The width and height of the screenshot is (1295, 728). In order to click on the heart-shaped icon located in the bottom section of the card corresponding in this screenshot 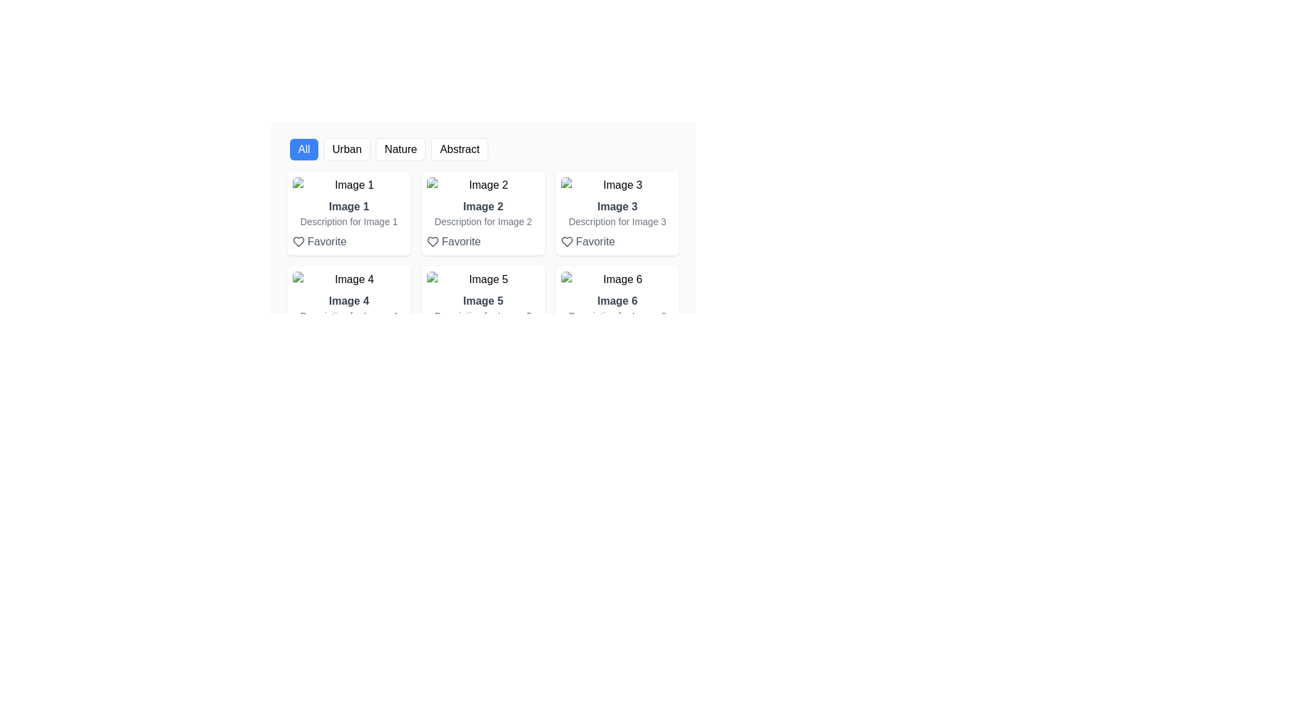, I will do `click(567, 241)`.